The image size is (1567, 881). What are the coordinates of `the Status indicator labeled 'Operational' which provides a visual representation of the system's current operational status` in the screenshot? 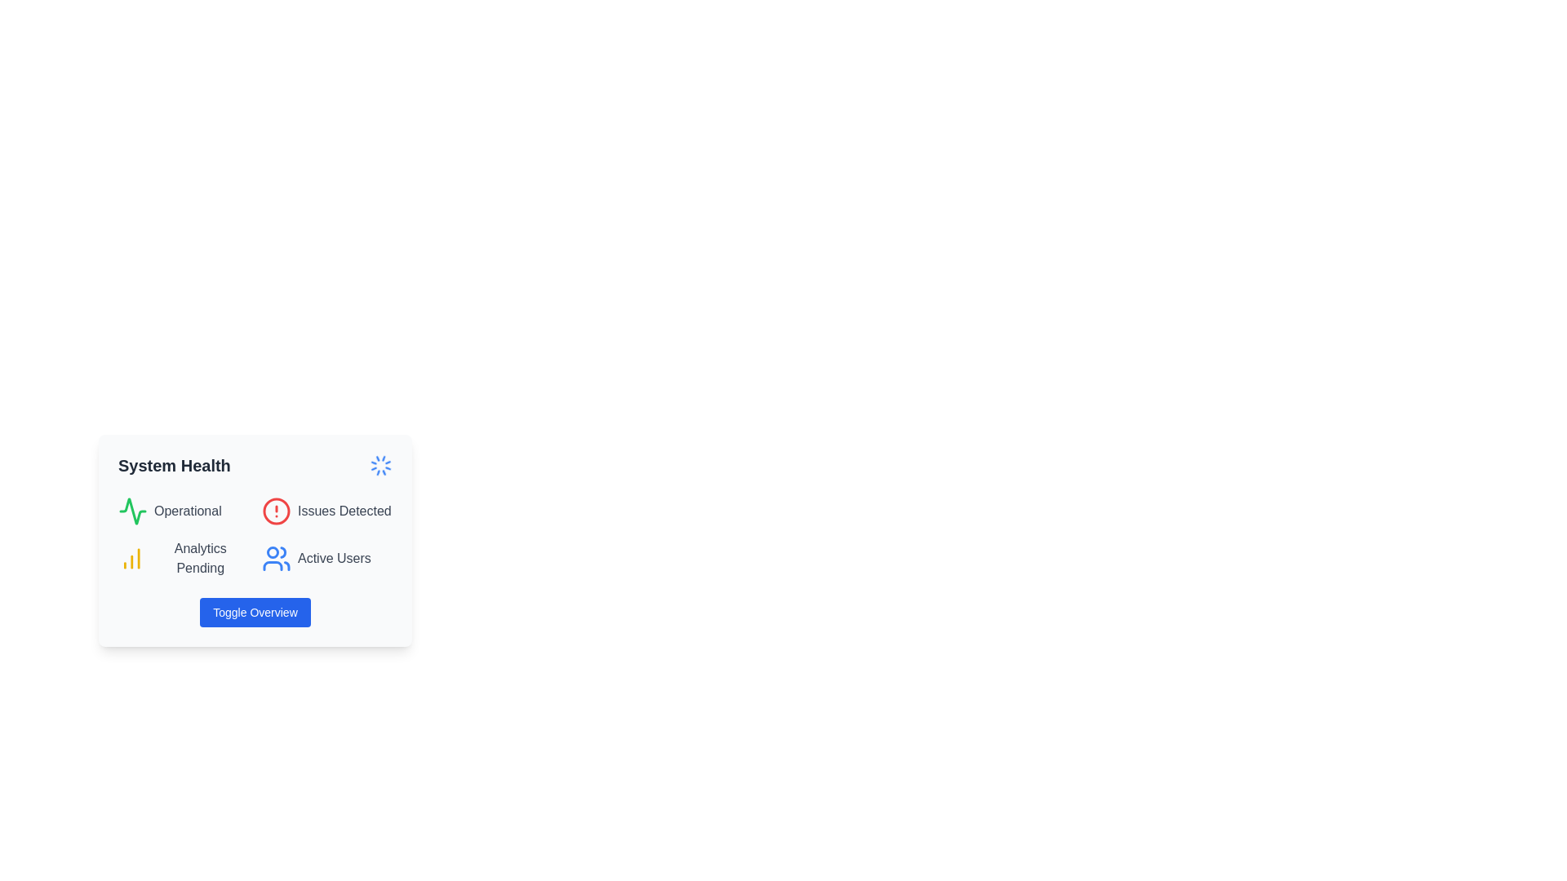 It's located at (184, 511).